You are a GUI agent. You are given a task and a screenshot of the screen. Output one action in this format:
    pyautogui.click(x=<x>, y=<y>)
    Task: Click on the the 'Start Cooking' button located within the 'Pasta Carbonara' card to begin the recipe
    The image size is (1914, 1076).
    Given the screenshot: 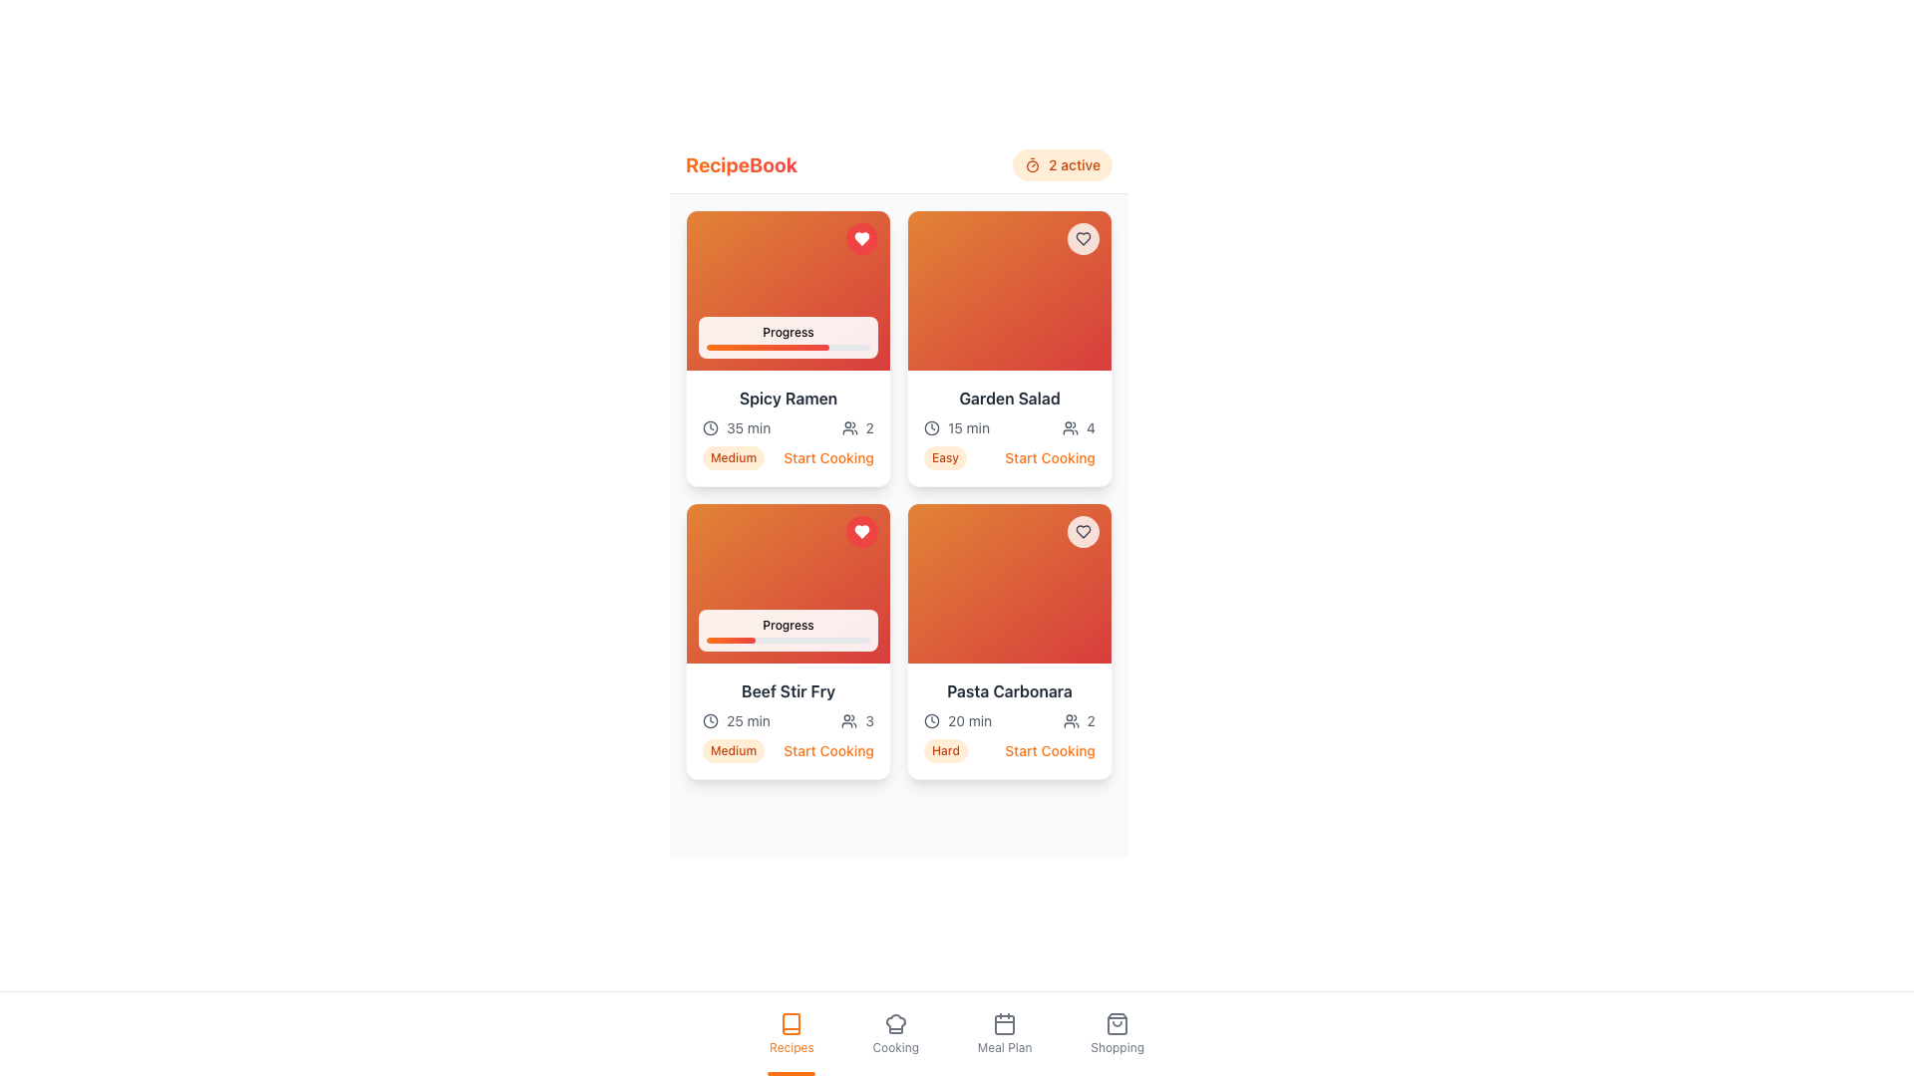 What is the action you would take?
    pyautogui.click(x=1009, y=750)
    